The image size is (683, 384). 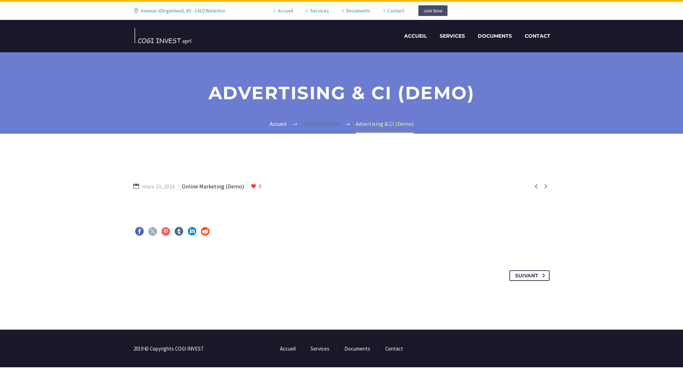 I want to click on 'Contact', so click(x=380, y=11).